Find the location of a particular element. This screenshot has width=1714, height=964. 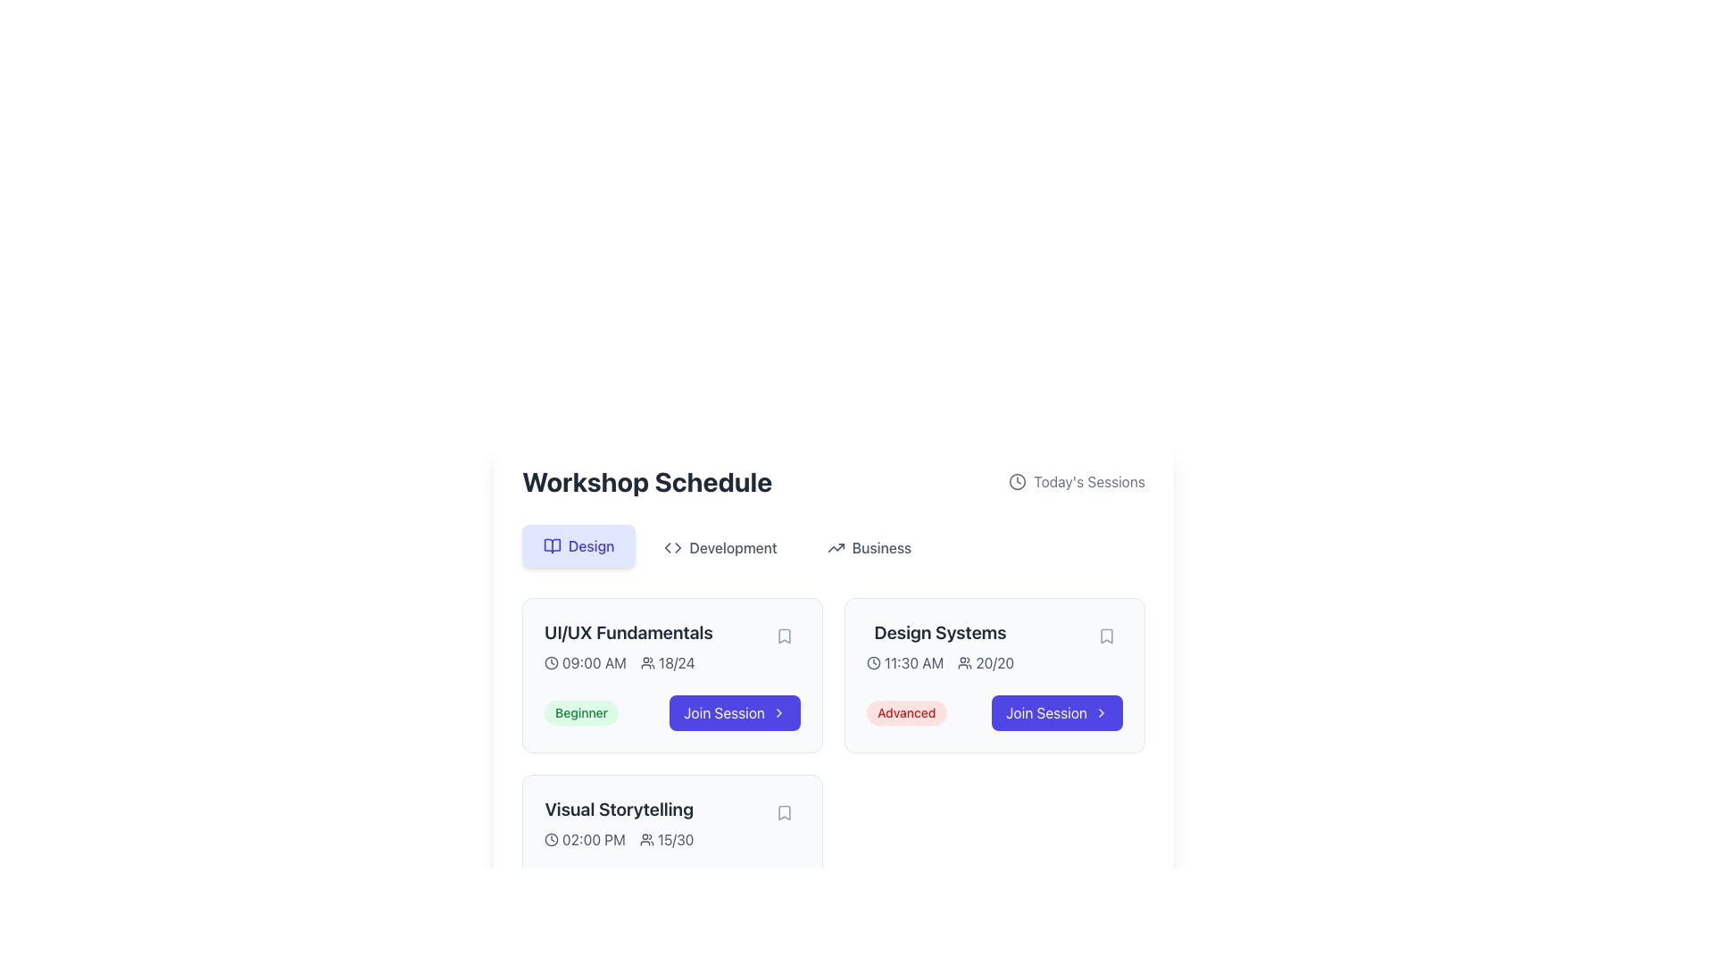

the decorative 'Business' icon located to the left of the 'Business' text in the horizontal group of tabs at the top of the interface is located at coordinates (835, 546).